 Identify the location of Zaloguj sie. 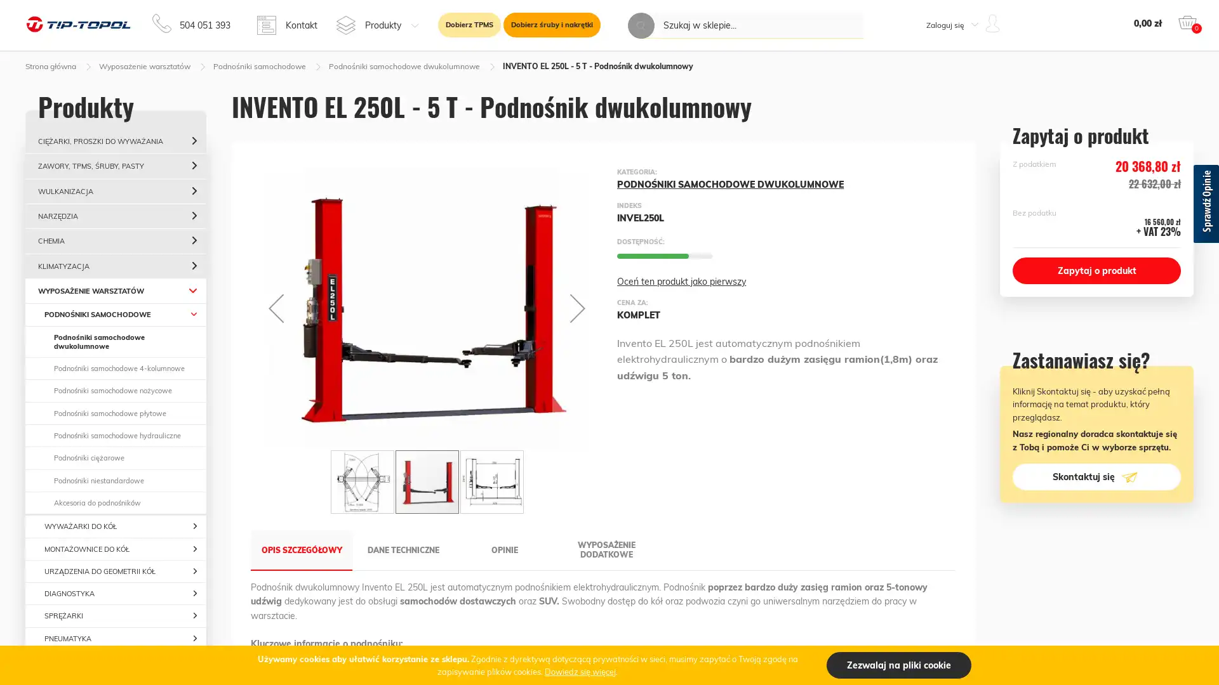
(940, 162).